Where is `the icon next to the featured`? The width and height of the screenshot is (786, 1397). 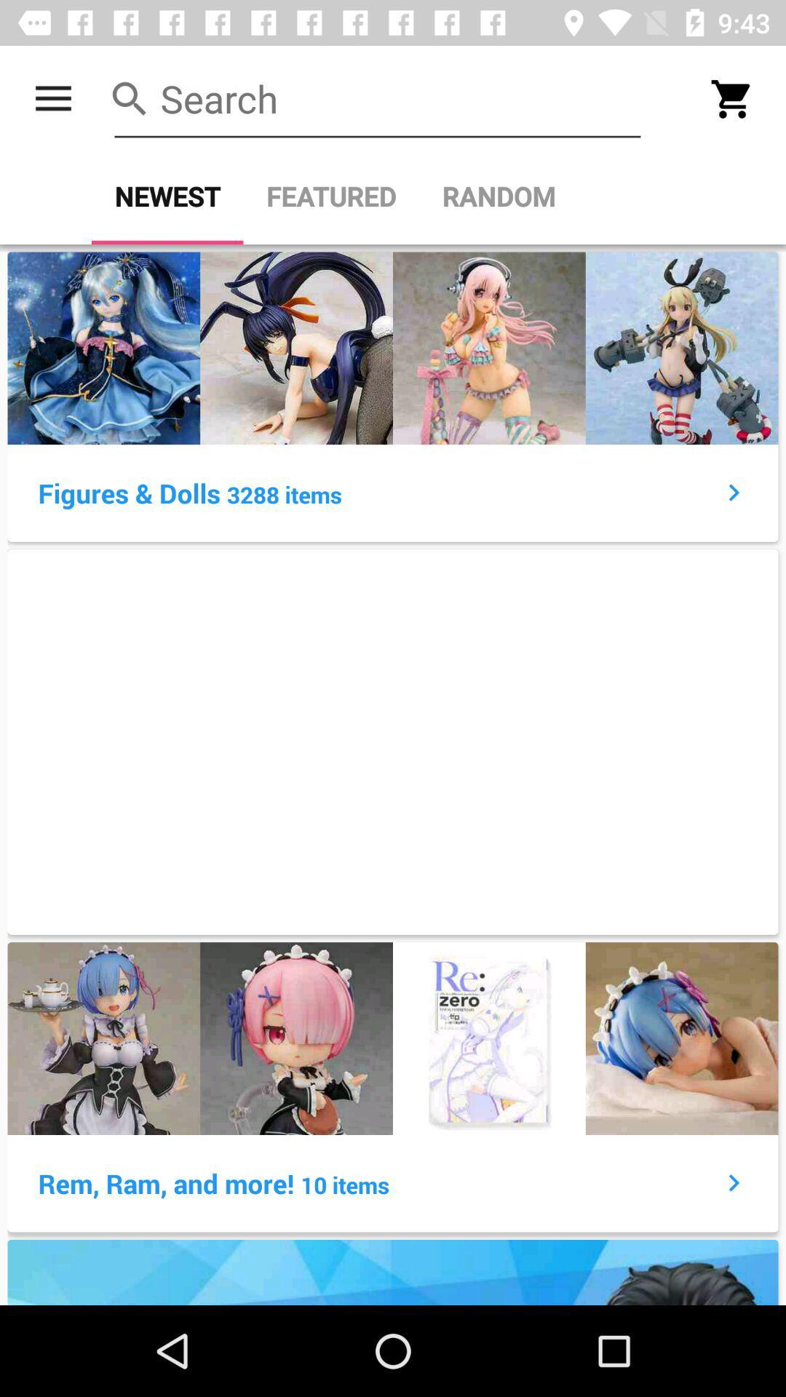
the icon next to the featured is located at coordinates (498, 196).